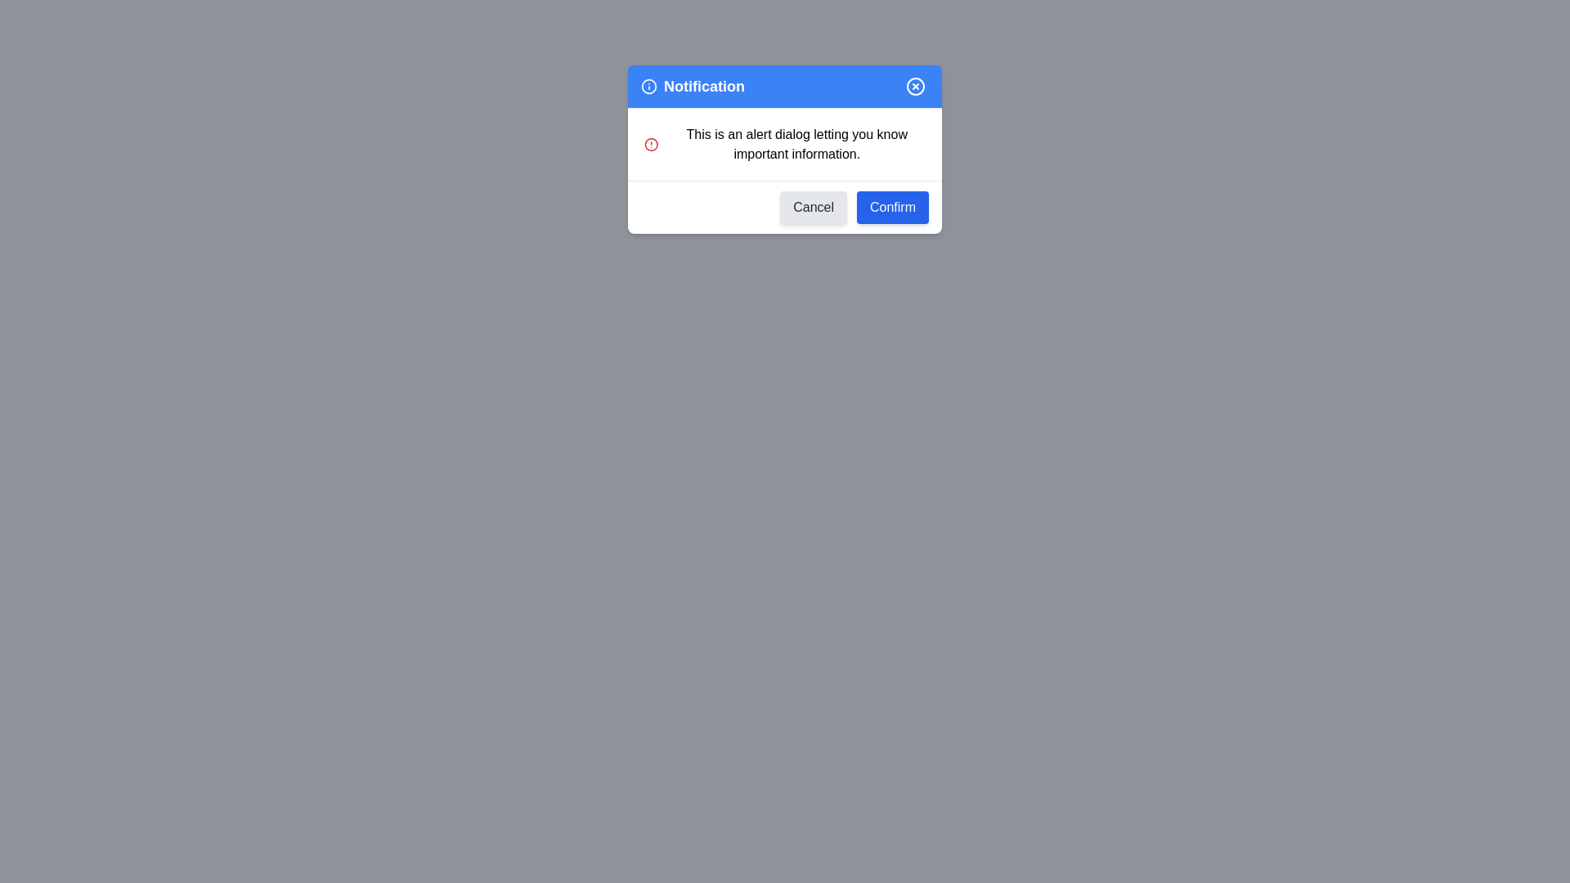  What do you see at coordinates (693, 86) in the screenshot?
I see `the bold white text label that reads 'Notification', located in the top-left section of the blue header bar` at bounding box center [693, 86].